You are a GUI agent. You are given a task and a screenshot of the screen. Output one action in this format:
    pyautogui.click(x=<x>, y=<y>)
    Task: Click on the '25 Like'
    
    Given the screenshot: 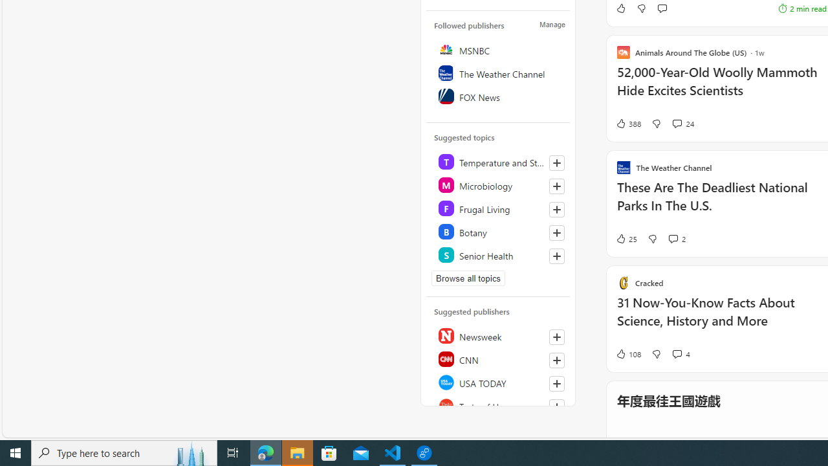 What is the action you would take?
    pyautogui.click(x=626, y=238)
    